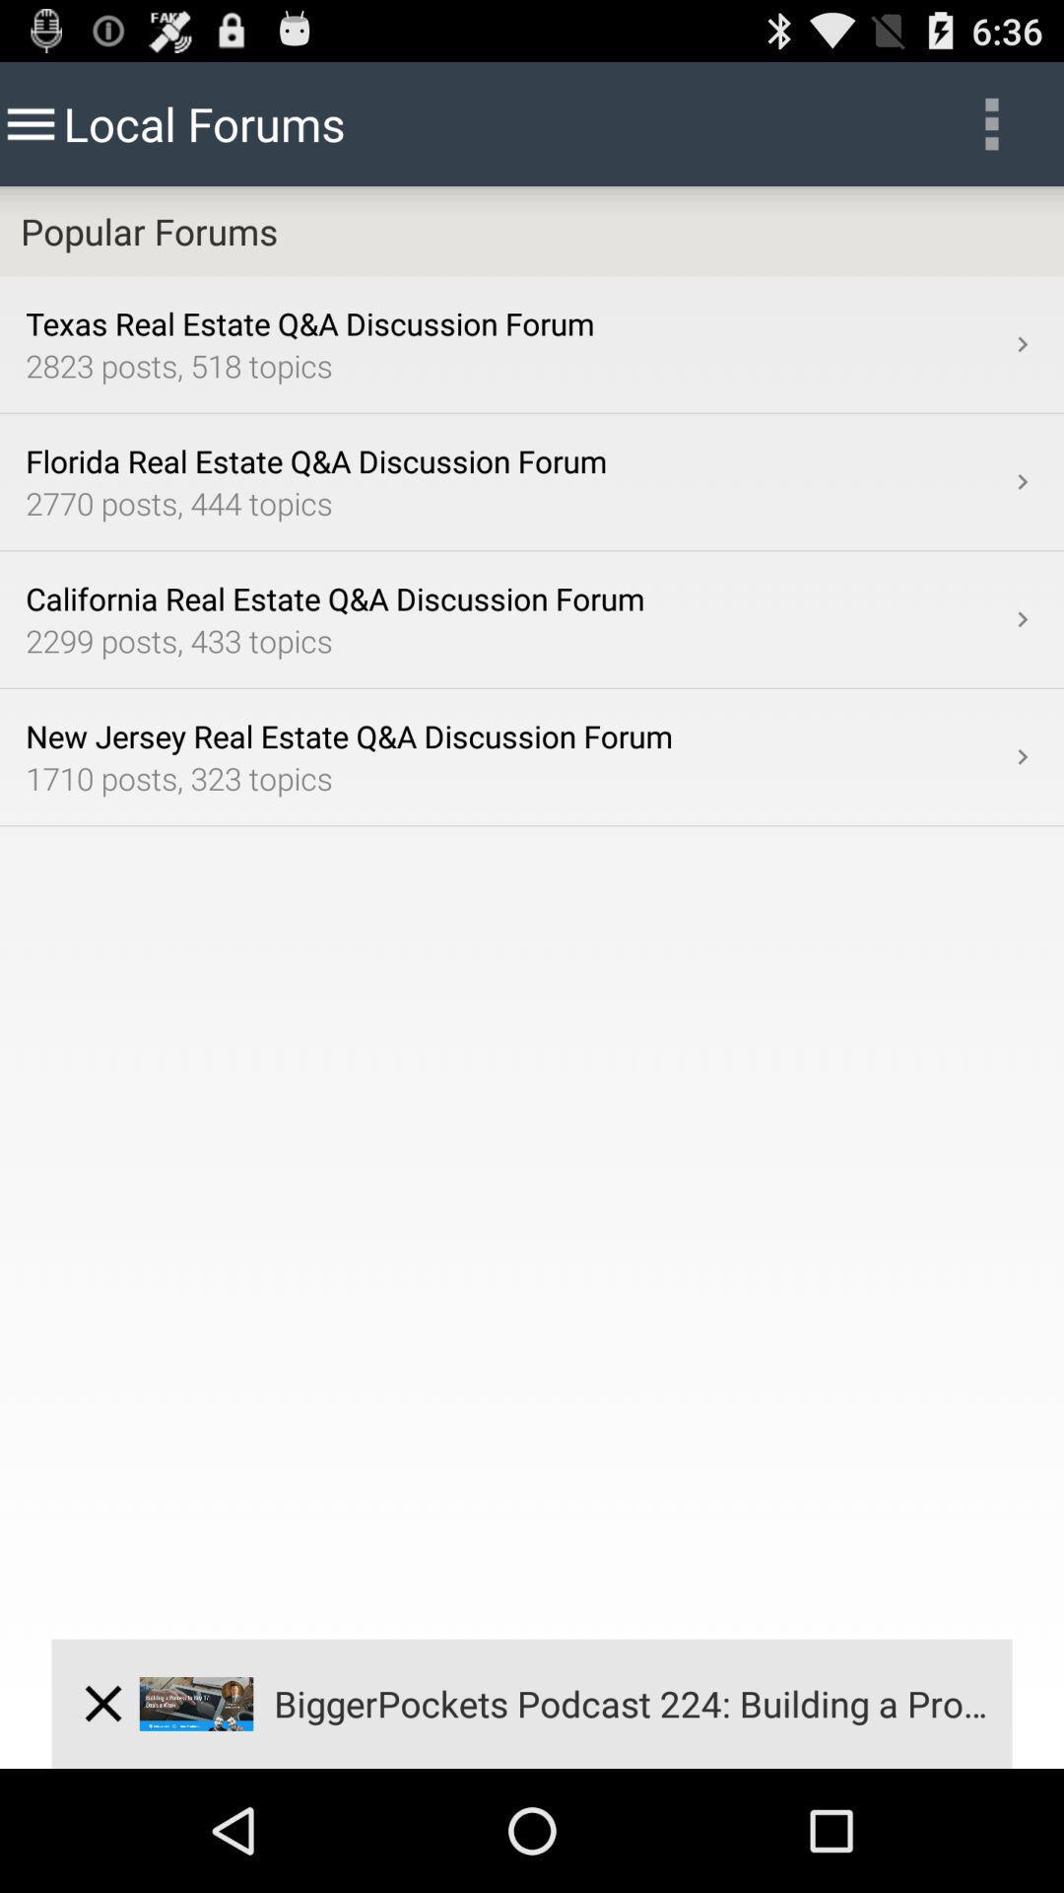  Describe the element at coordinates (515, 640) in the screenshot. I see `the item above new jersey real item` at that location.